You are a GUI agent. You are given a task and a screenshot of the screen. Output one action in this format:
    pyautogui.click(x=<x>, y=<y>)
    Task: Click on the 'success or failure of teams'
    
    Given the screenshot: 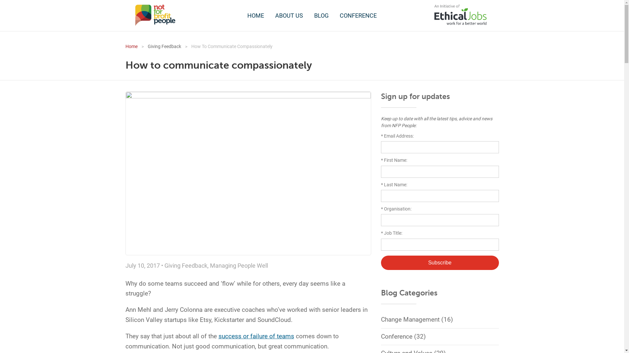 What is the action you would take?
    pyautogui.click(x=256, y=336)
    